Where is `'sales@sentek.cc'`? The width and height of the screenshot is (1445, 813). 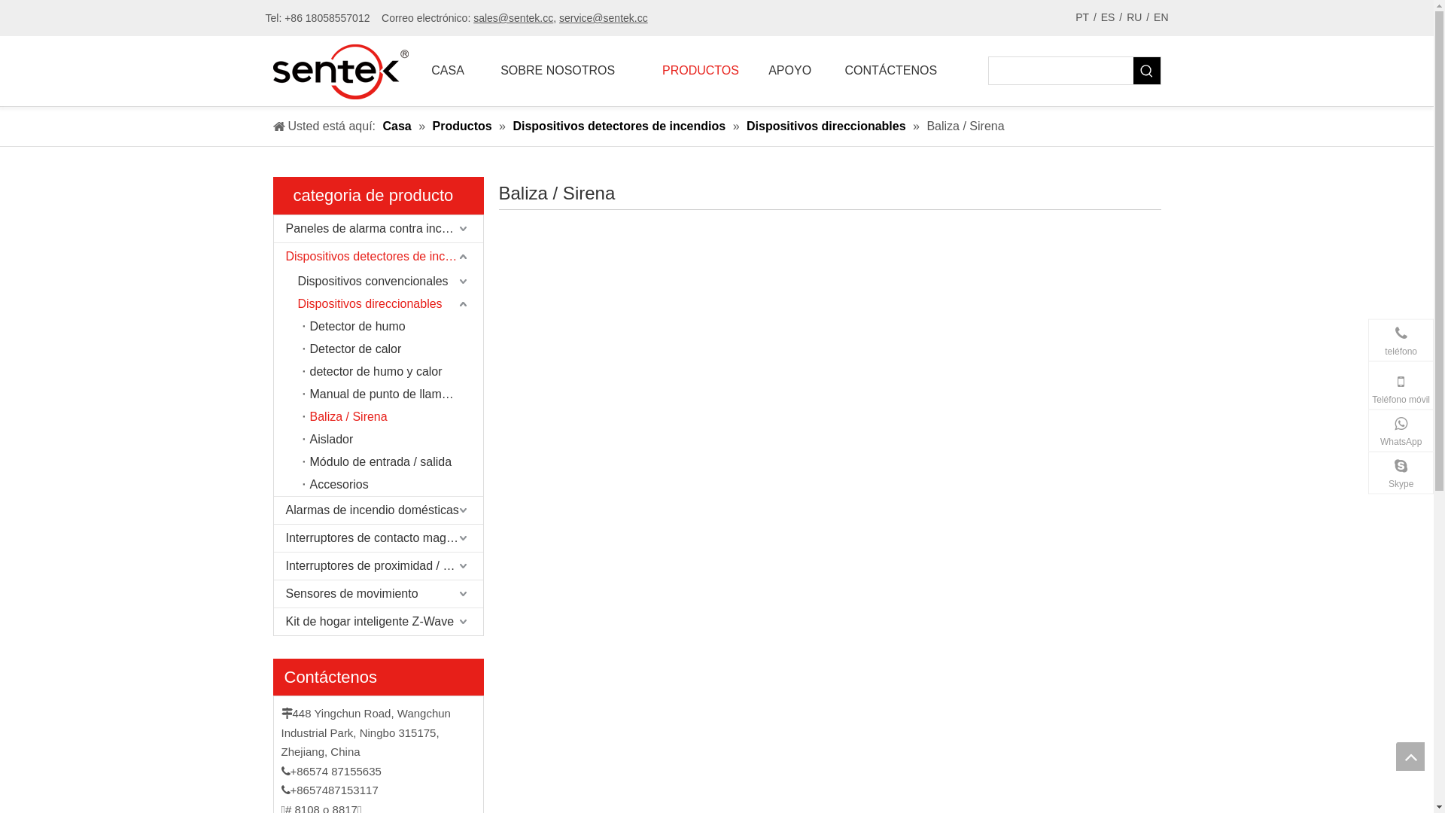
'sales@sentek.cc' is located at coordinates (513, 17).